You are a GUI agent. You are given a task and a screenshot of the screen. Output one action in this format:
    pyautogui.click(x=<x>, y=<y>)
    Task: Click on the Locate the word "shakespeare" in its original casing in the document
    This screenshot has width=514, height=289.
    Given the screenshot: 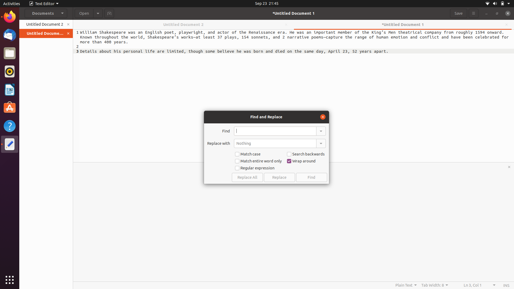 What is the action you would take?
    pyautogui.click(x=275, y=131)
    